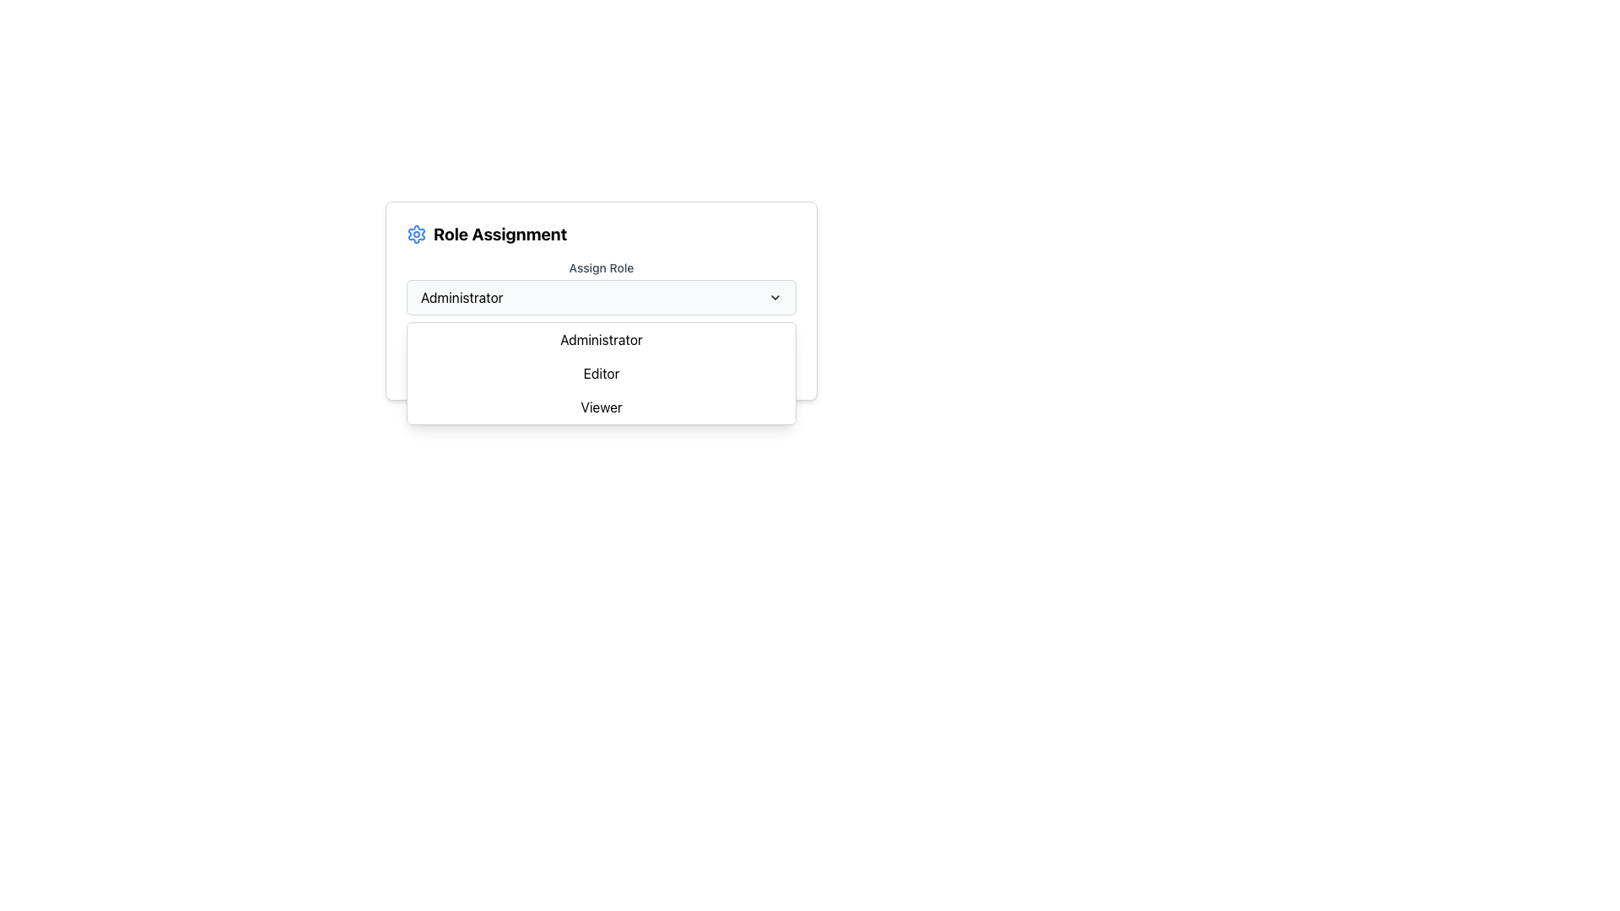 The image size is (1620, 911). I want to click on the dropdown menu located below the 'Assign Role' text field in the 'Role Assignment' section, which displays options including 'Administrator', 'Editor', and 'Viewer', with 'Editor' highlighted as the second option, so click(602, 373).